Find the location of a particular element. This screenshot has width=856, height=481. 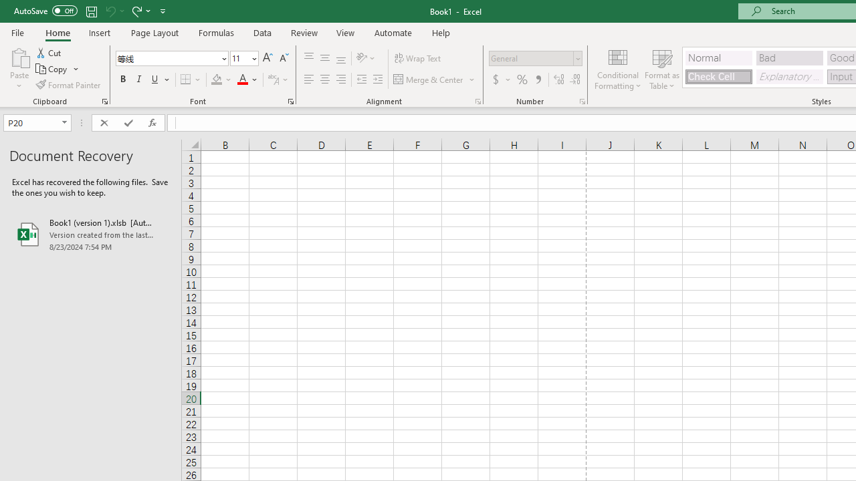

'Check Cell' is located at coordinates (718, 76).